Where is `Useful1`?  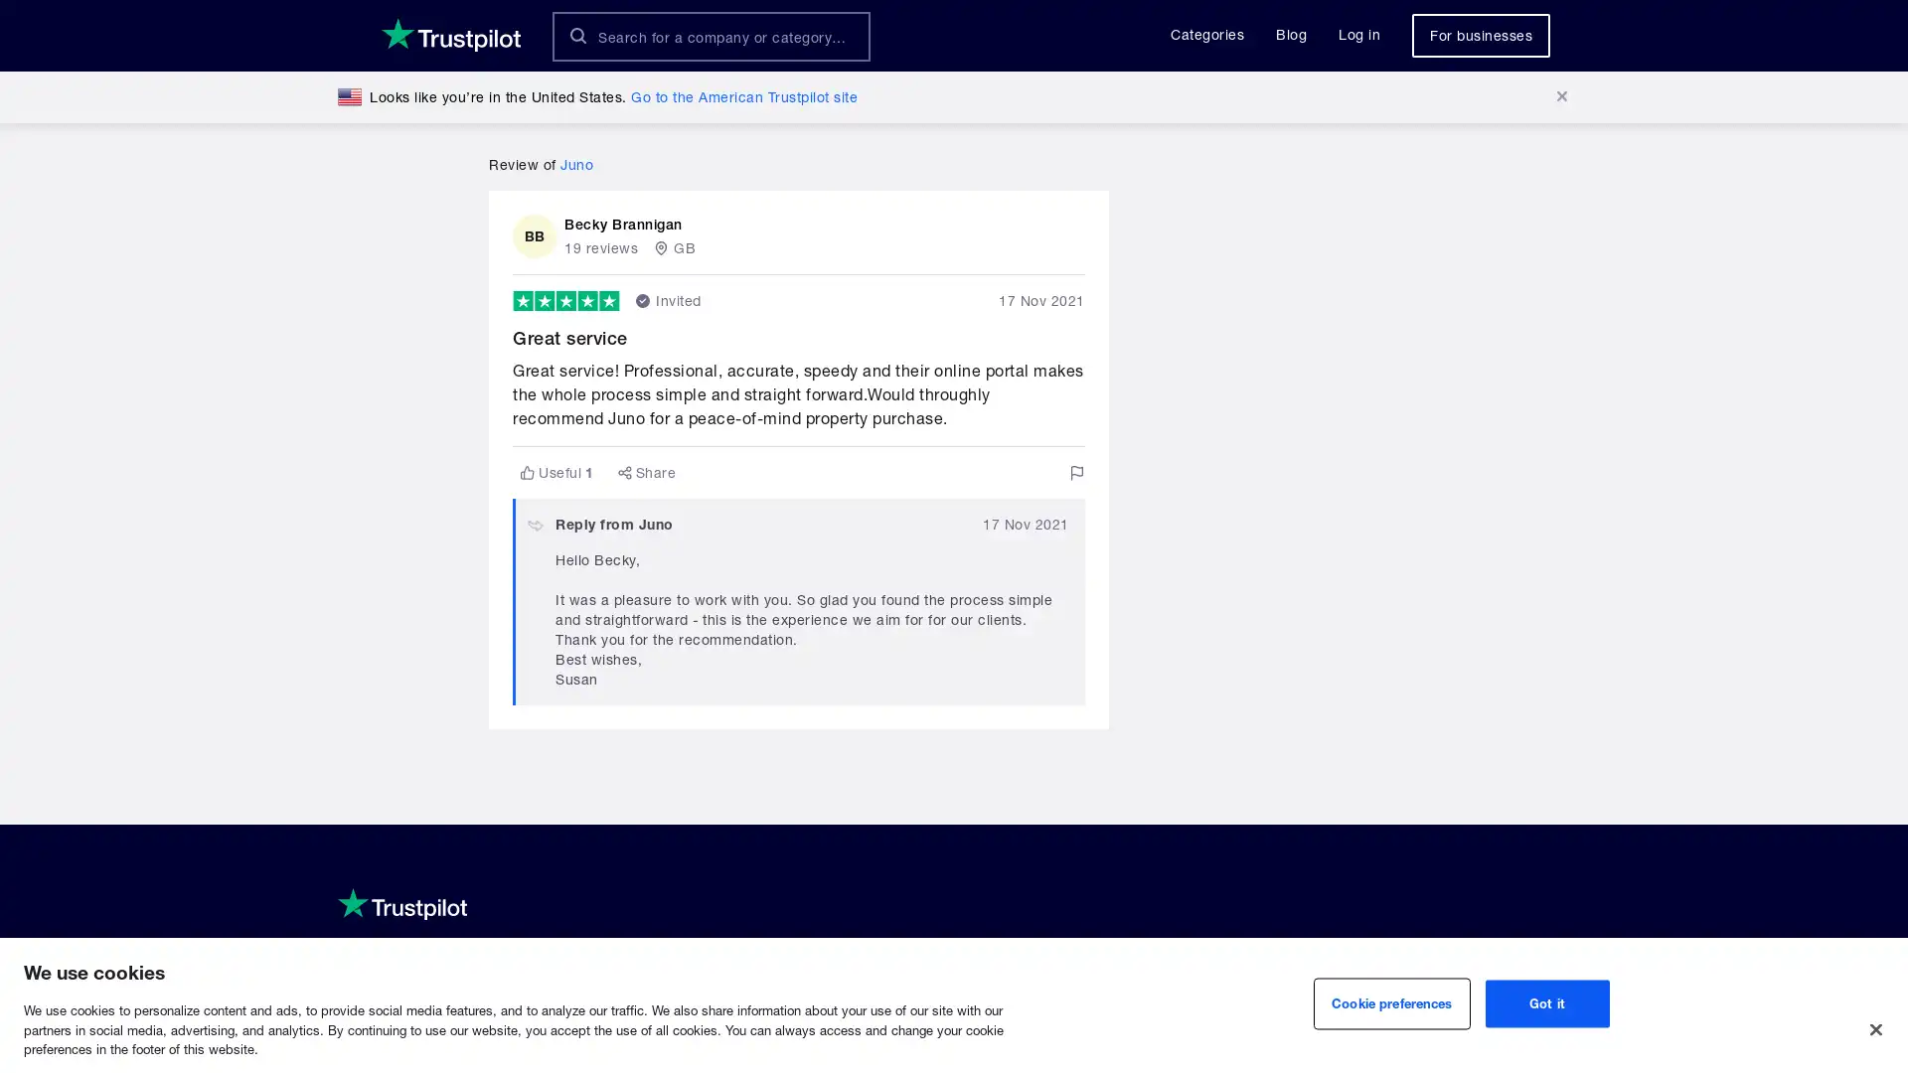 Useful1 is located at coordinates (556, 472).